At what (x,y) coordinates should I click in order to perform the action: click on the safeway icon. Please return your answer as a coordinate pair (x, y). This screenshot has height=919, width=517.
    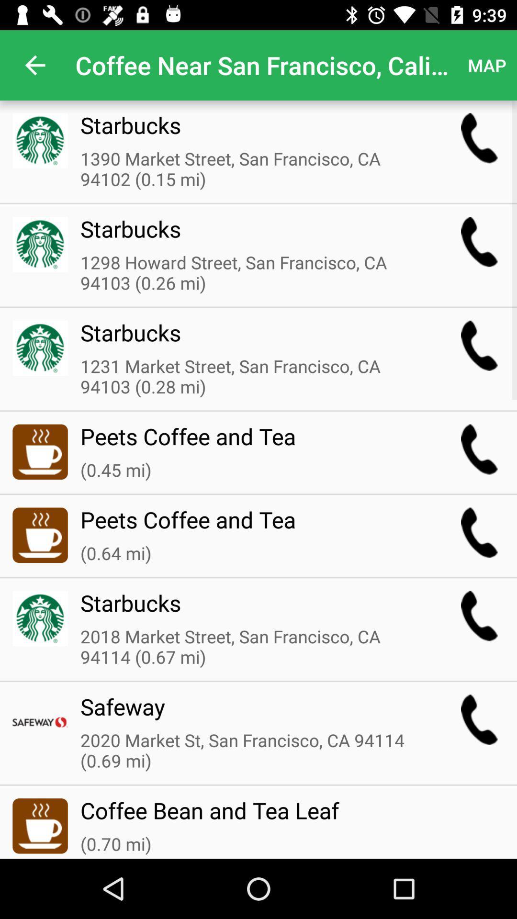
    Looking at the image, I should click on (251, 713).